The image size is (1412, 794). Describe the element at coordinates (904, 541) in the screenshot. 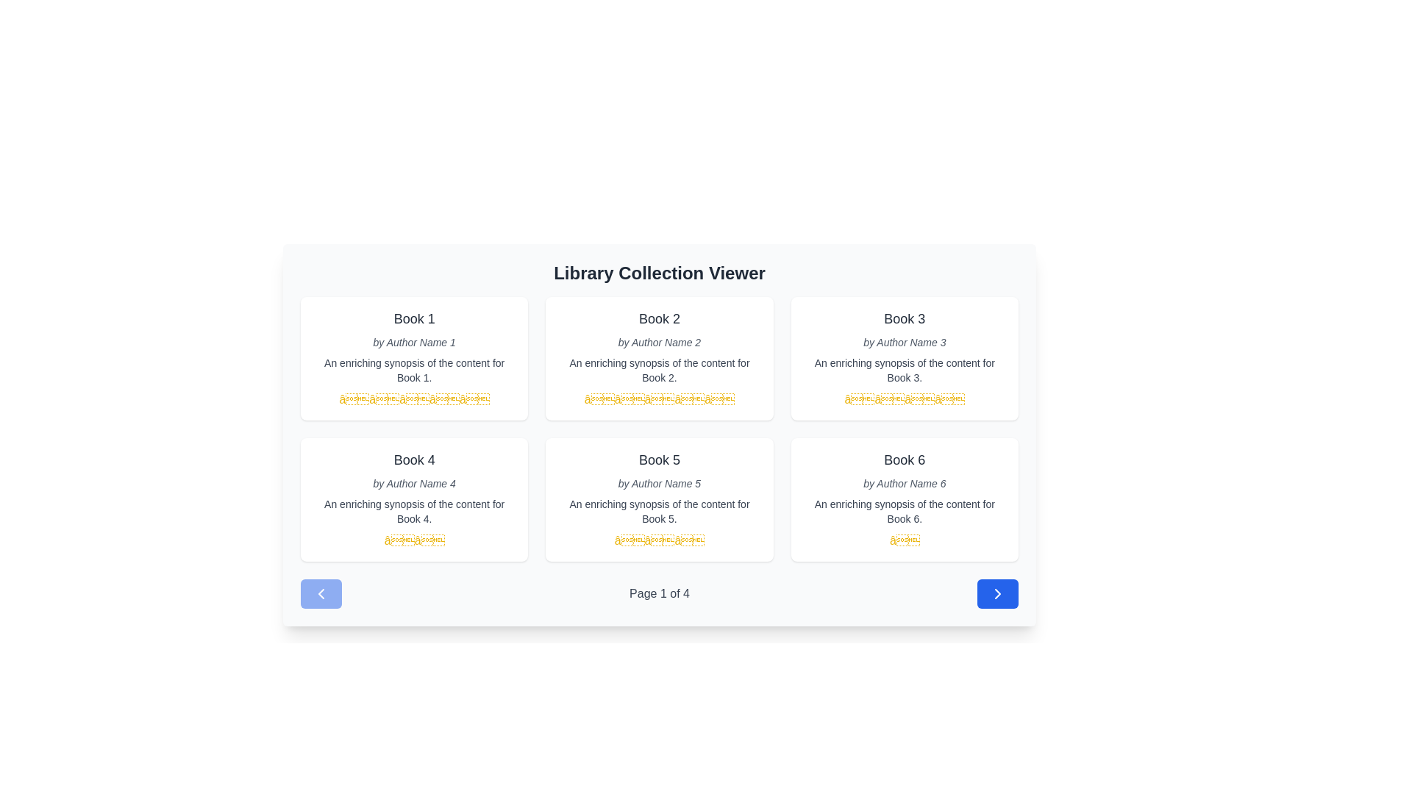

I see `the static text element styled as a symbol located at the bottom of the card for 'Book 6', beneath the book title, author name, and synopsis text` at that location.